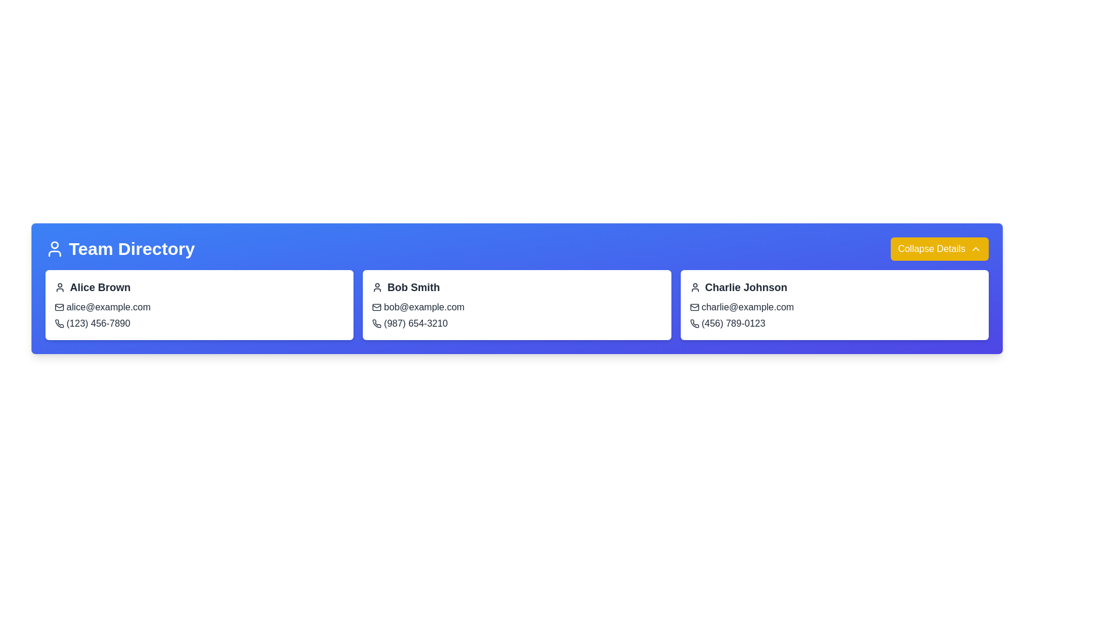  What do you see at coordinates (834, 304) in the screenshot?
I see `the Information card for Charlie Johnson in the Team Directory section` at bounding box center [834, 304].